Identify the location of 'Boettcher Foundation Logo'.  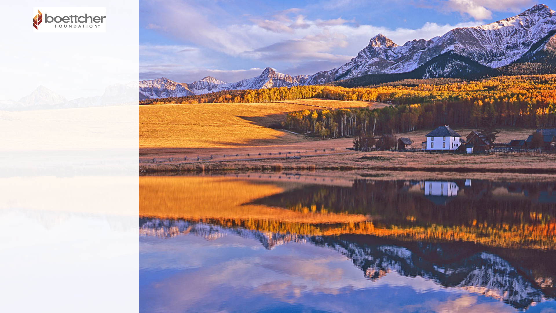
(69, 19).